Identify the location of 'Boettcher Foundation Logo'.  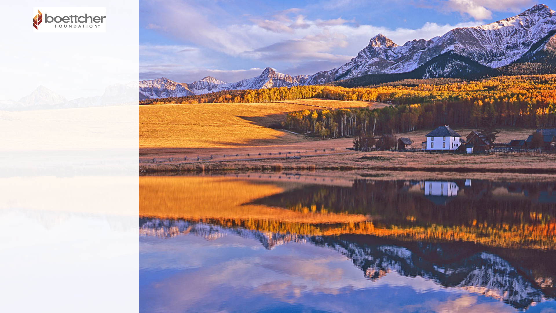
(69, 19).